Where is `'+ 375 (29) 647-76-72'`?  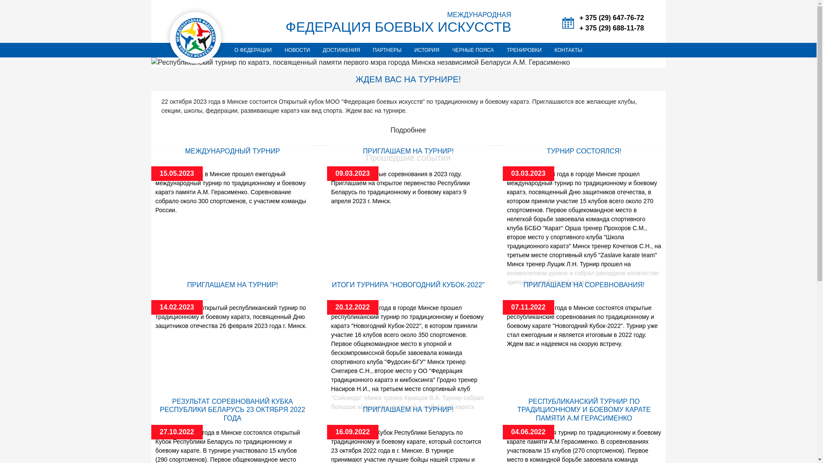
'+ 375 (29) 647-76-72' is located at coordinates (611, 18).